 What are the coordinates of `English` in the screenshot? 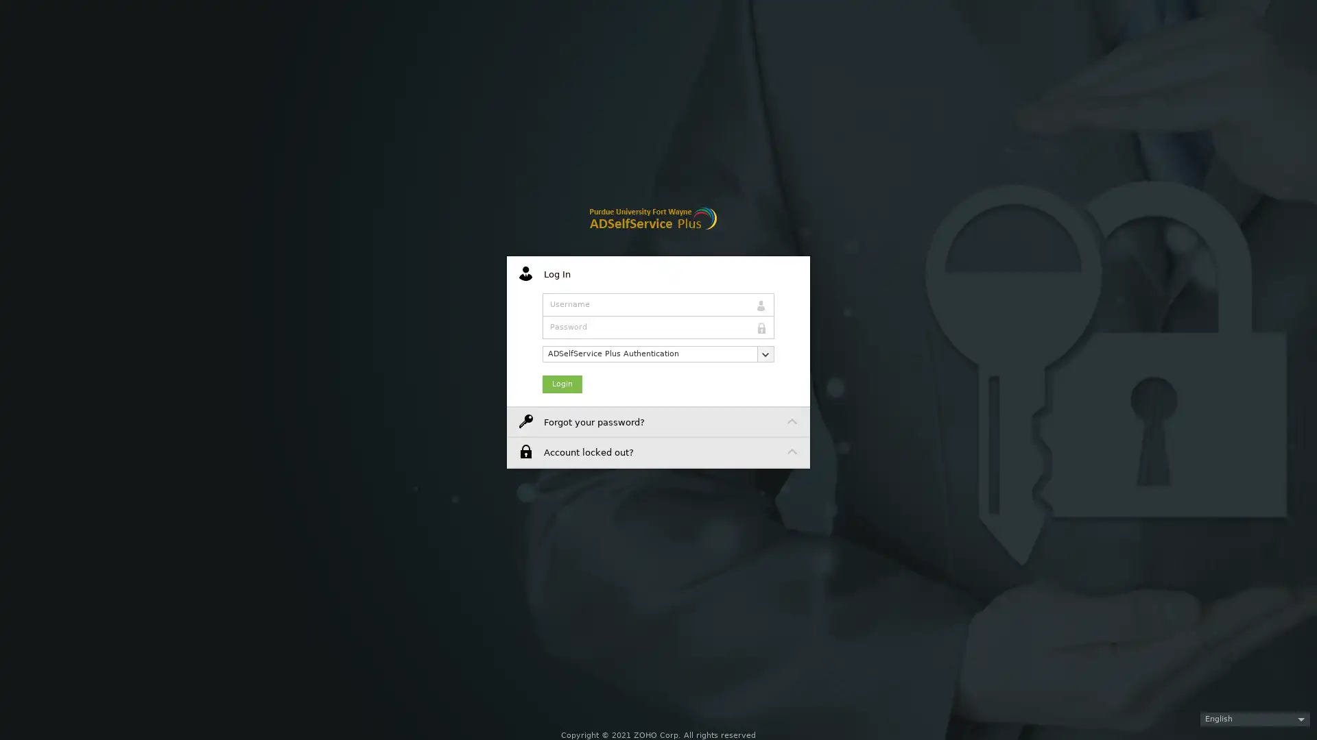 It's located at (1255, 718).